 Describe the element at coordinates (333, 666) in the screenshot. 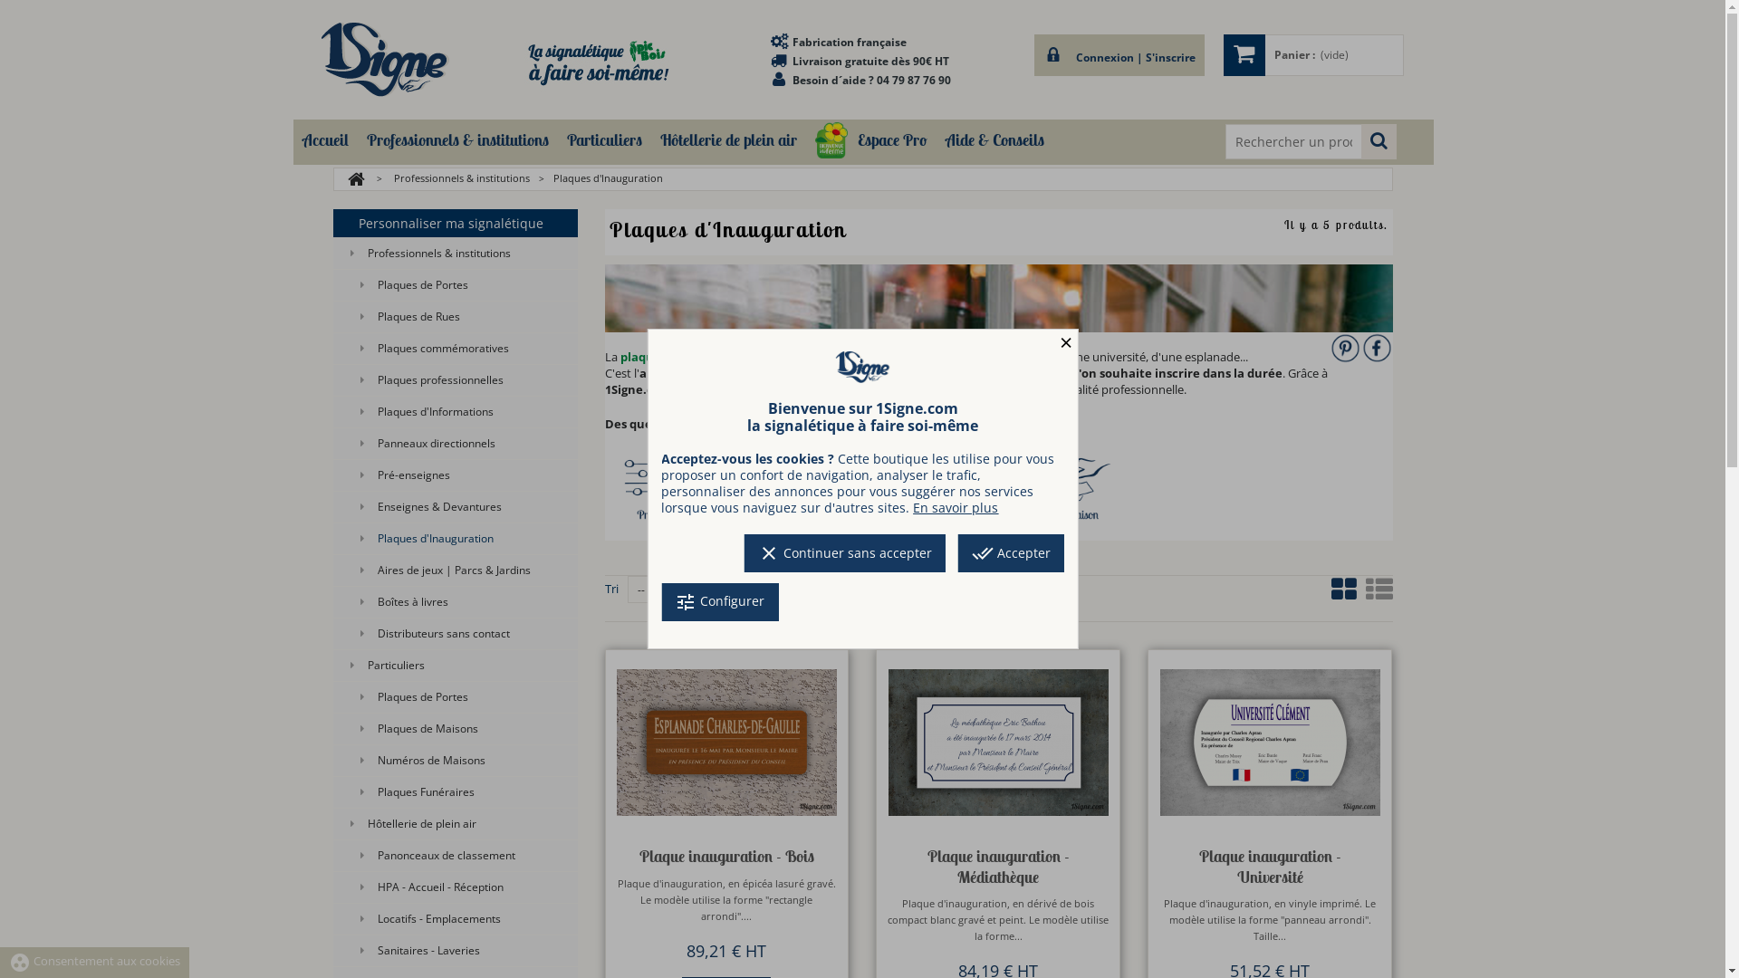

I see `'Particuliers'` at that location.